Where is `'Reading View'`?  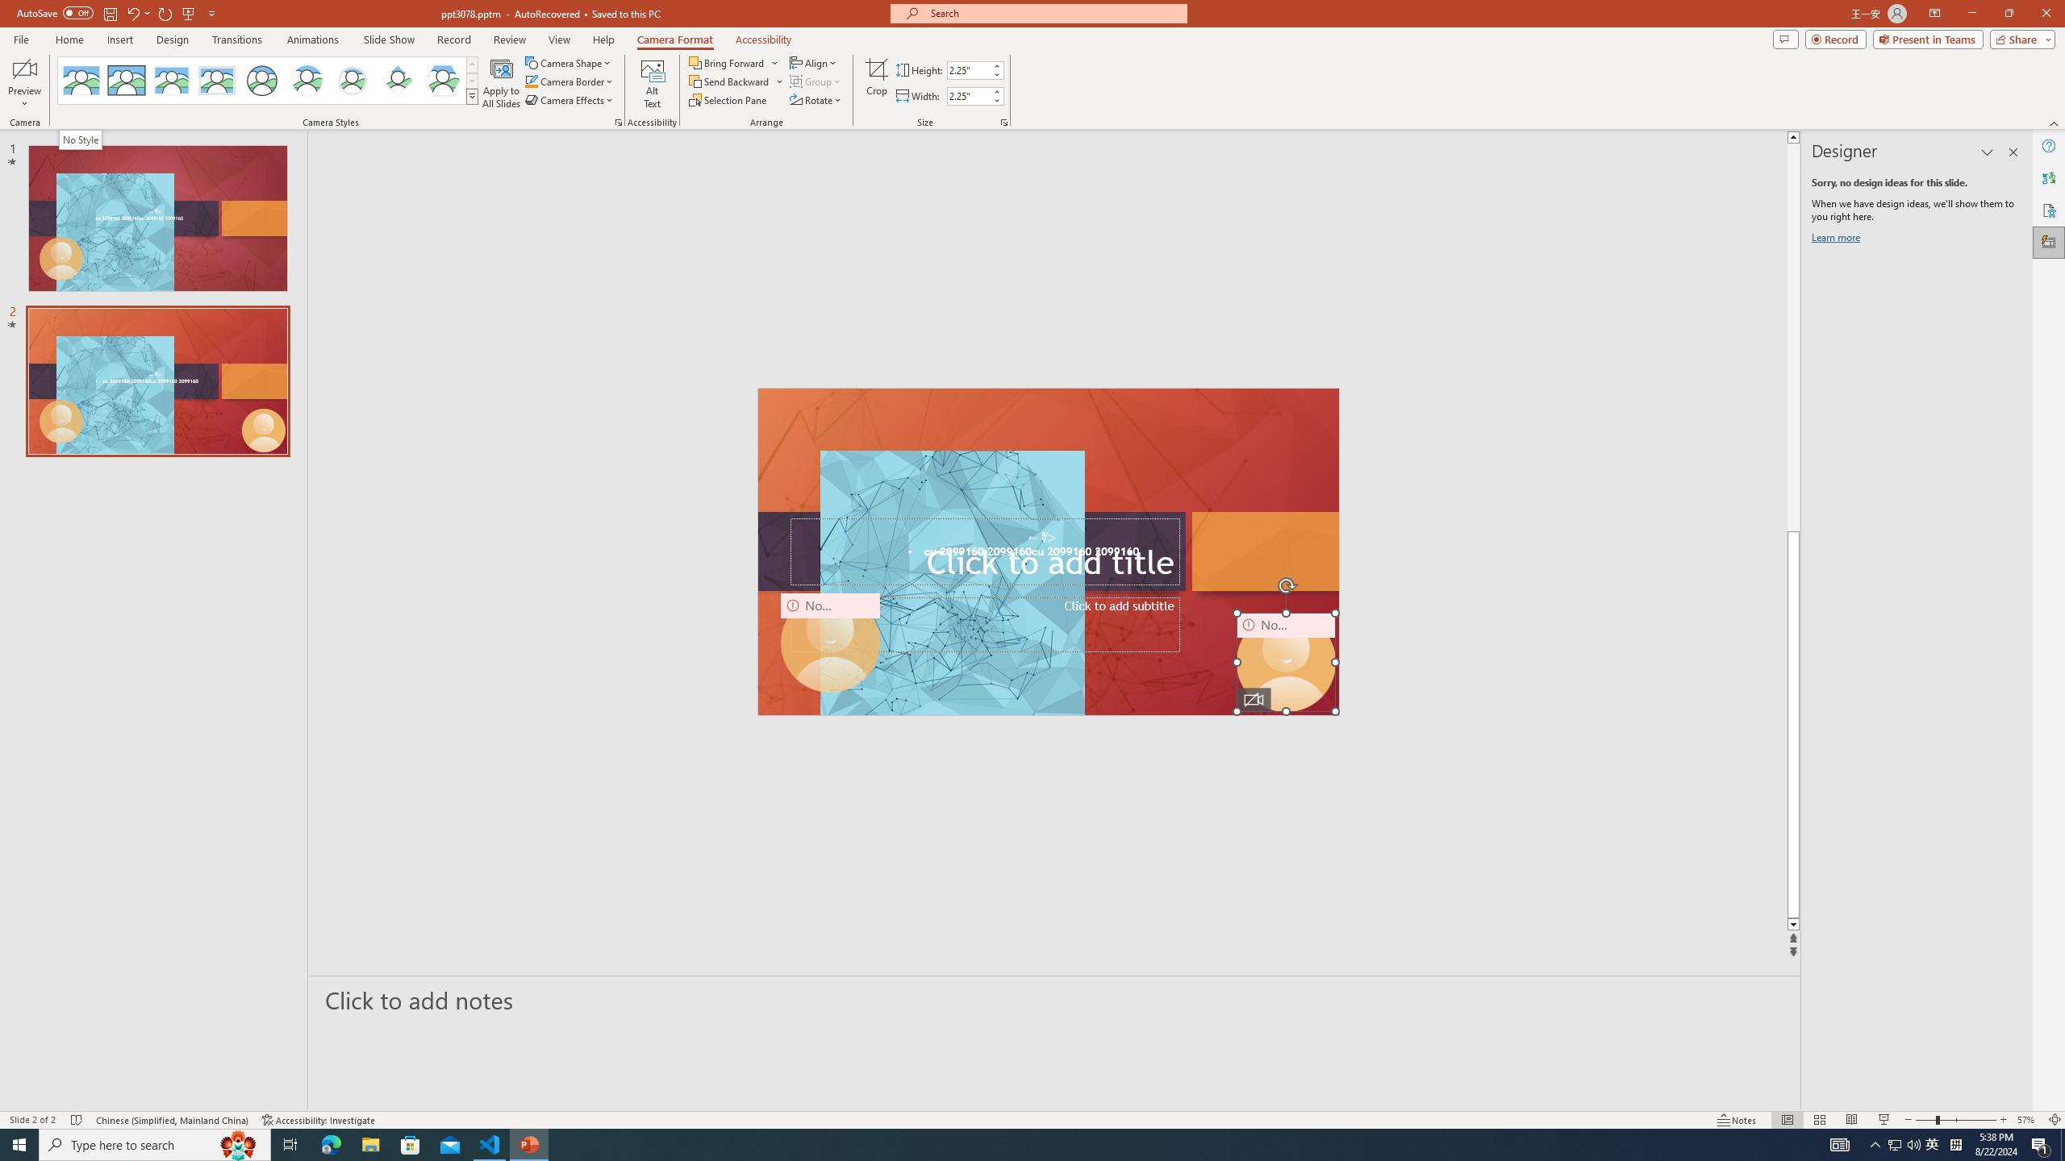 'Reading View' is located at coordinates (1851, 1120).